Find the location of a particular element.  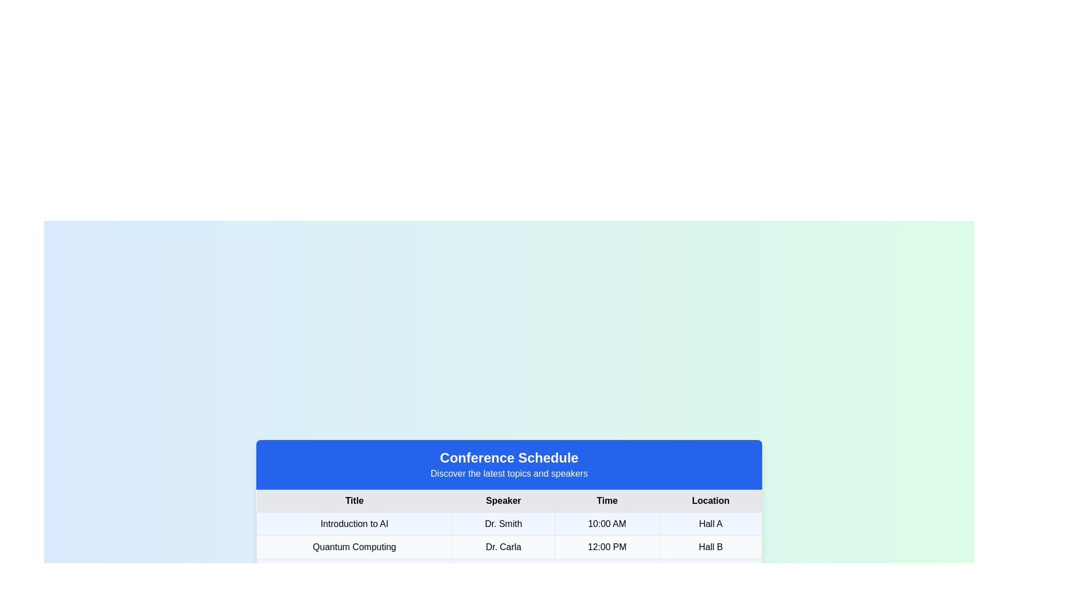

to select the first row of the conference schedule table displaying the session titled 'Introduction to AI' with speaker 'Dr. Smith', scheduled at '10:00 AM' in 'Hall A' is located at coordinates (509, 524).